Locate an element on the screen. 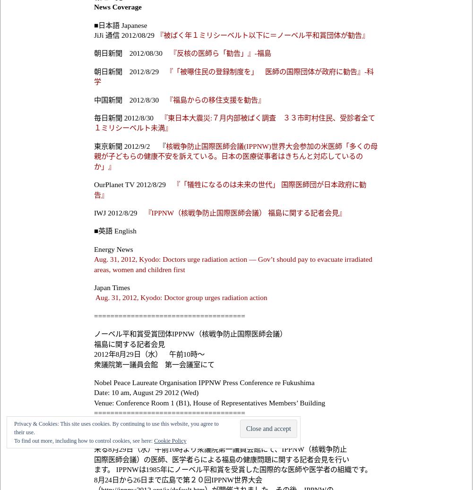 Image resolution: width=473 pixels, height=490 pixels. '来る8月29日（水）午前10時より衆議院第一議員会館にて、IPPNW（核戦争防止' is located at coordinates (220, 449).